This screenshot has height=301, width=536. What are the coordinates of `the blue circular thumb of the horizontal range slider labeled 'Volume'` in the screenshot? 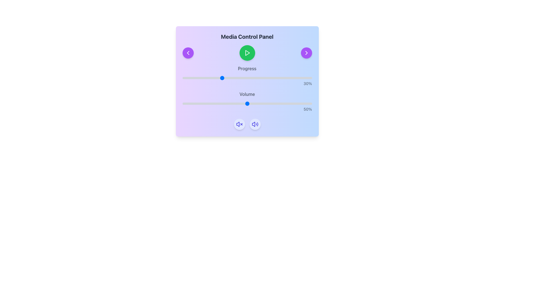 It's located at (247, 103).